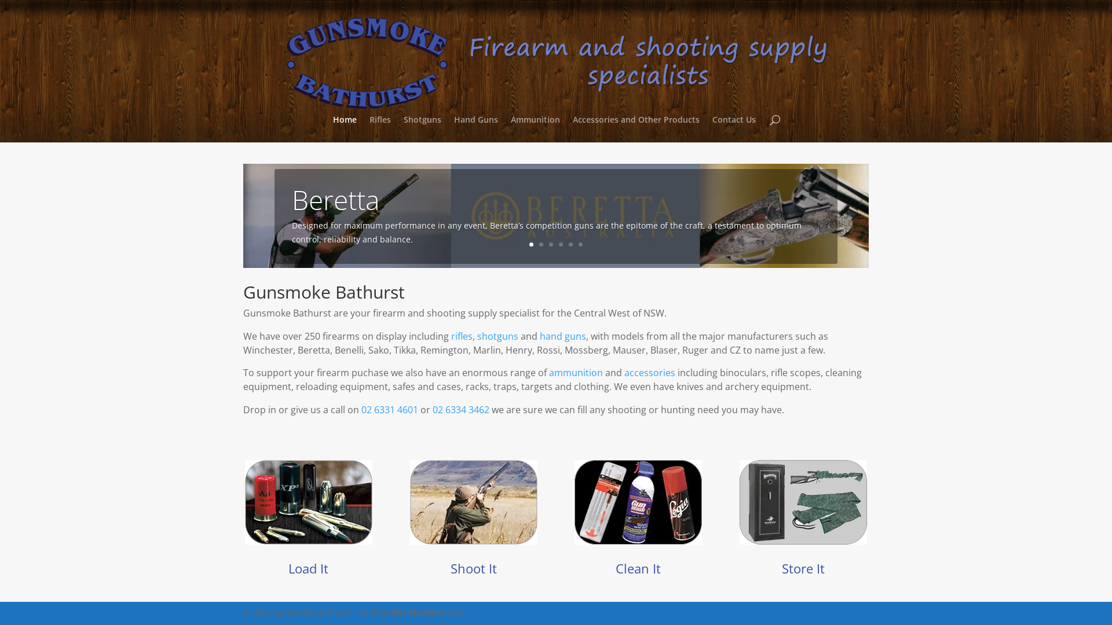 Image resolution: width=1112 pixels, height=625 pixels. Describe the element at coordinates (344, 129) in the screenshot. I see `'Home'` at that location.